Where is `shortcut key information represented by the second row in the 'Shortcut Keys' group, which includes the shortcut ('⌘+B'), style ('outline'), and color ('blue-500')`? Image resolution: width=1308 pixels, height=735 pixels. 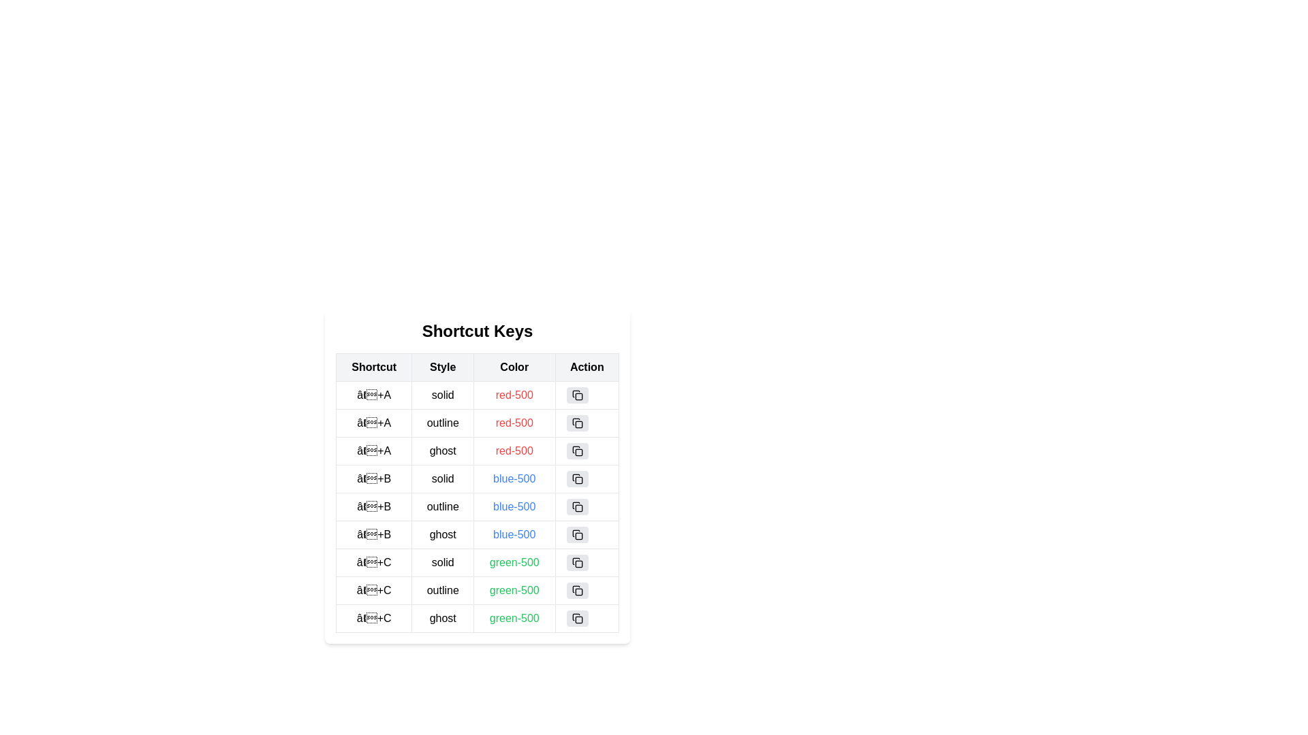 shortcut key information represented by the second row in the 'Shortcut Keys' group, which includes the shortcut ('⌘+B'), style ('outline'), and color ('blue-500') is located at coordinates (477, 506).